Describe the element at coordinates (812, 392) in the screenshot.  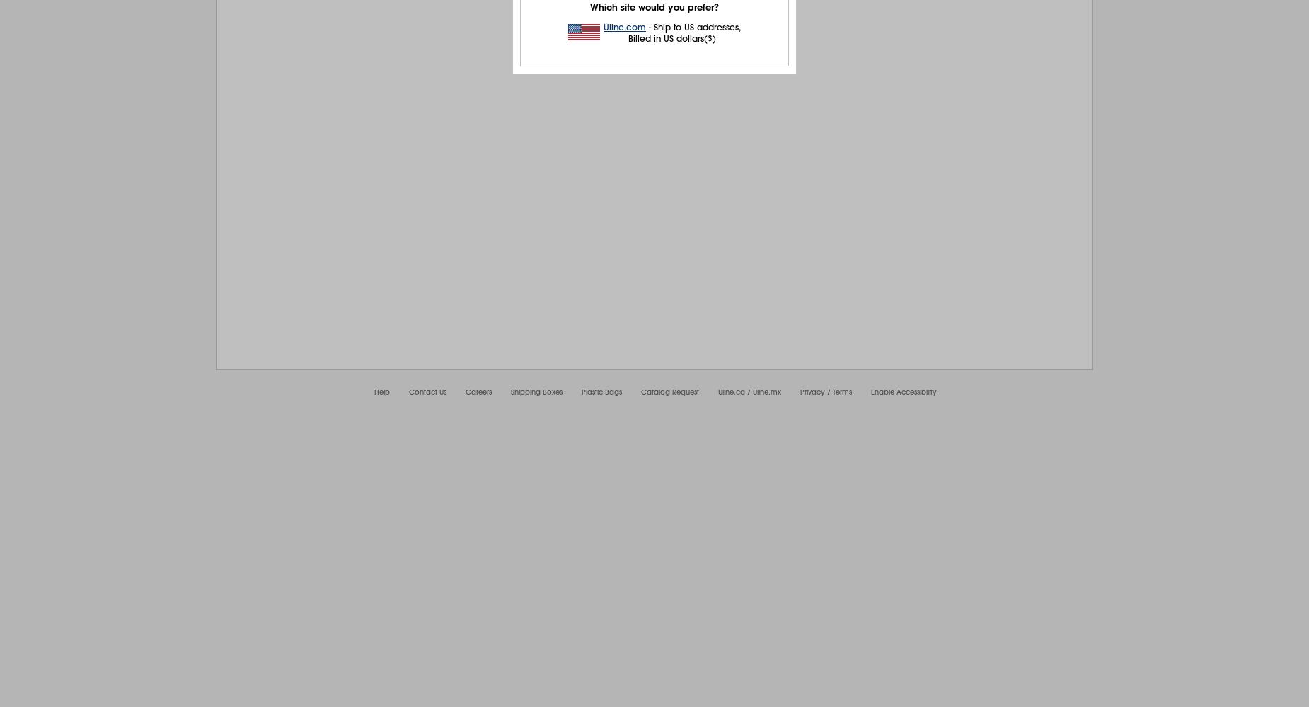
I see `'Privacy'` at that location.